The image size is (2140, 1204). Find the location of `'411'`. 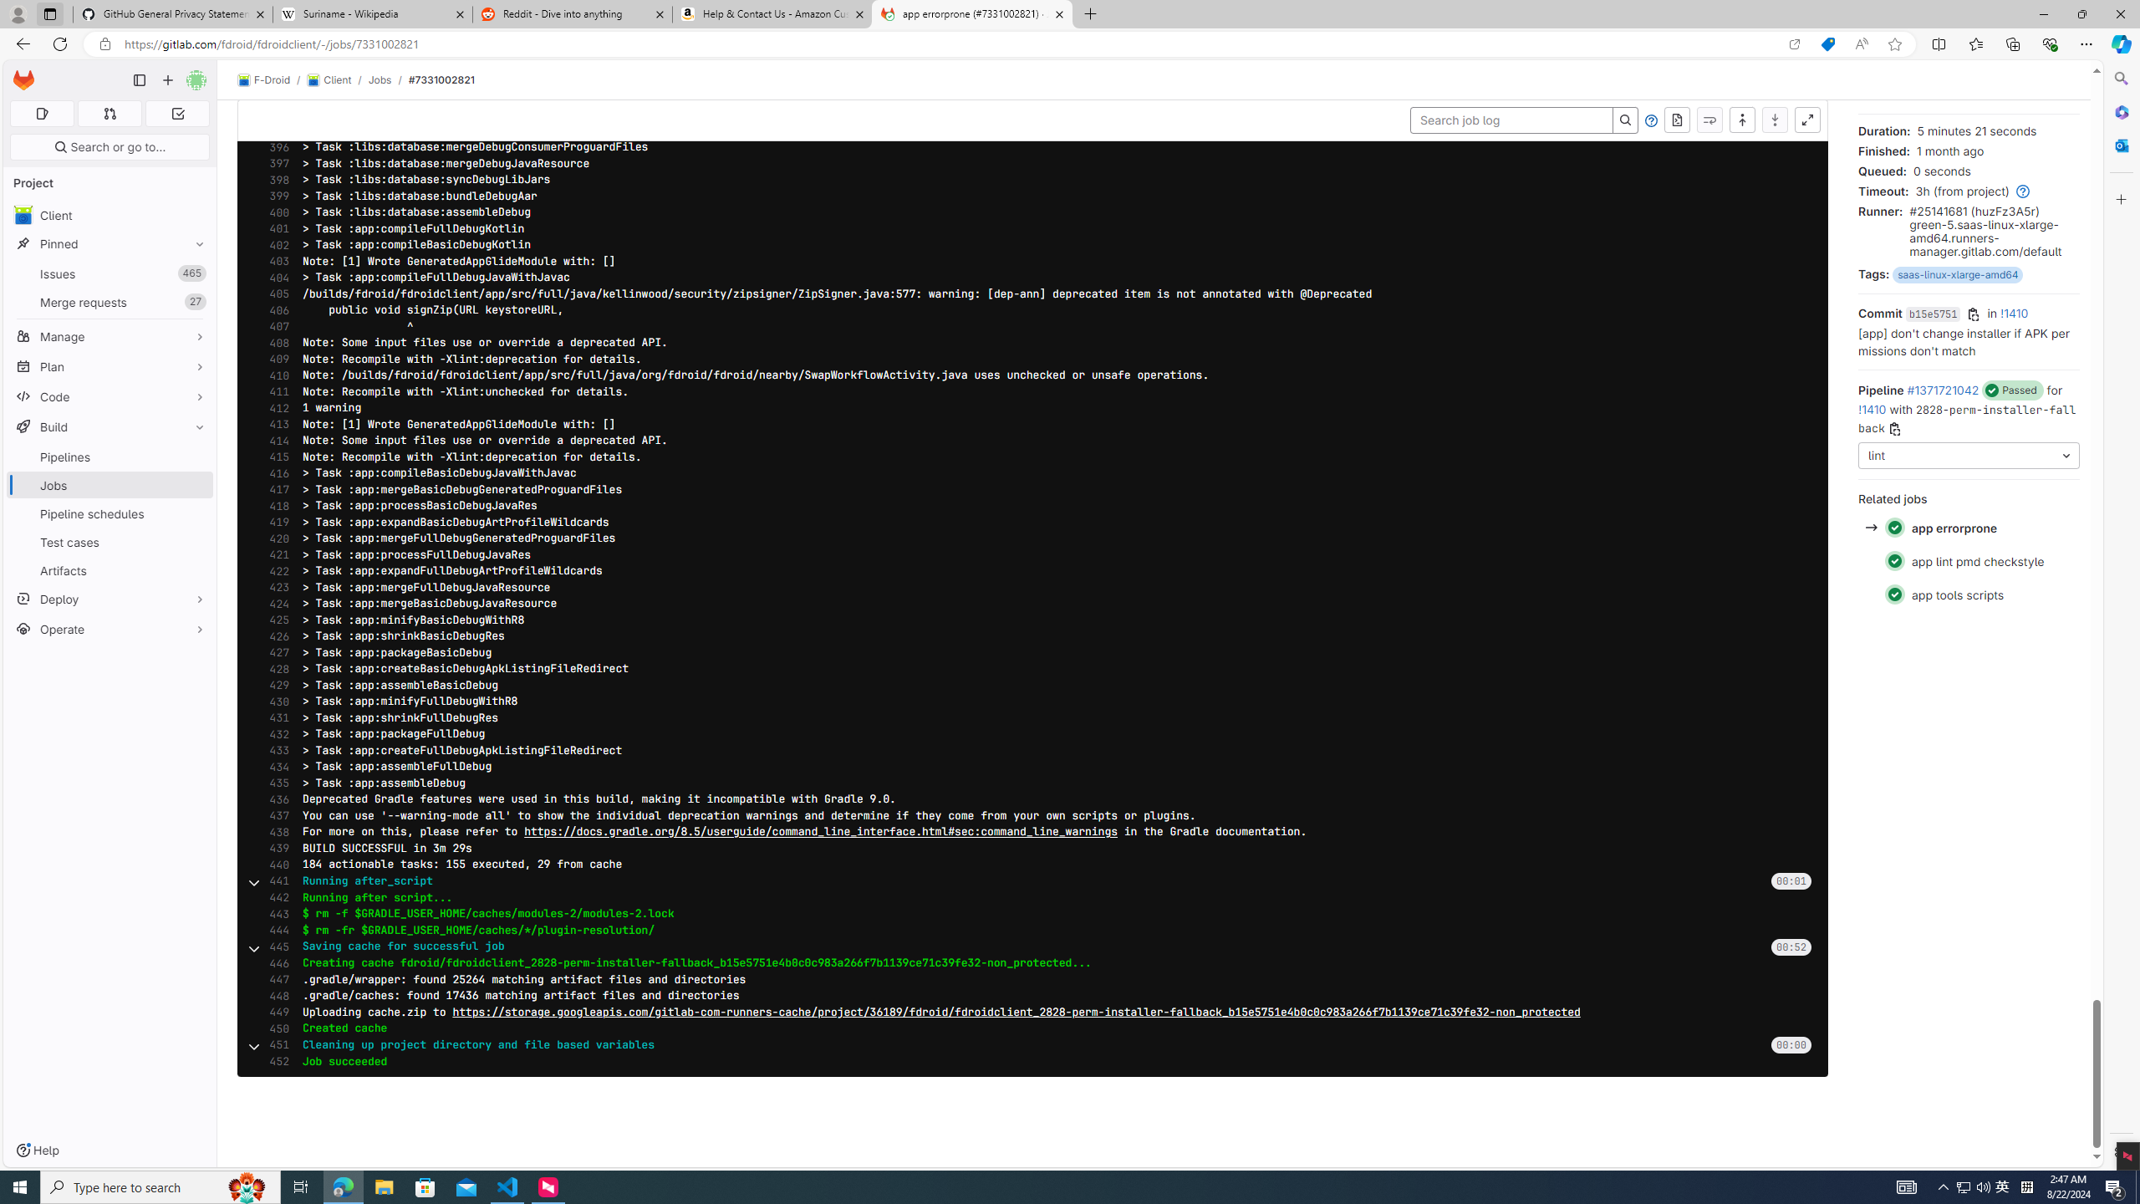

'411' is located at coordinates (273, 391).